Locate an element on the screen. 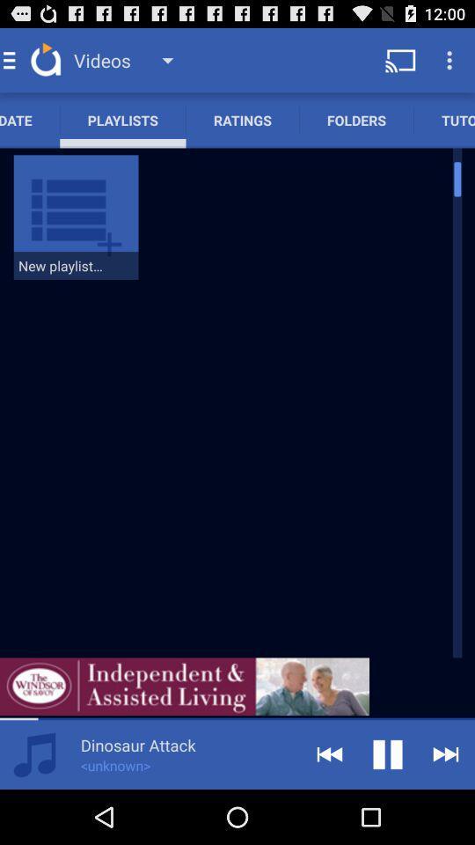 This screenshot has width=475, height=845. the pause icon is located at coordinates (388, 807).